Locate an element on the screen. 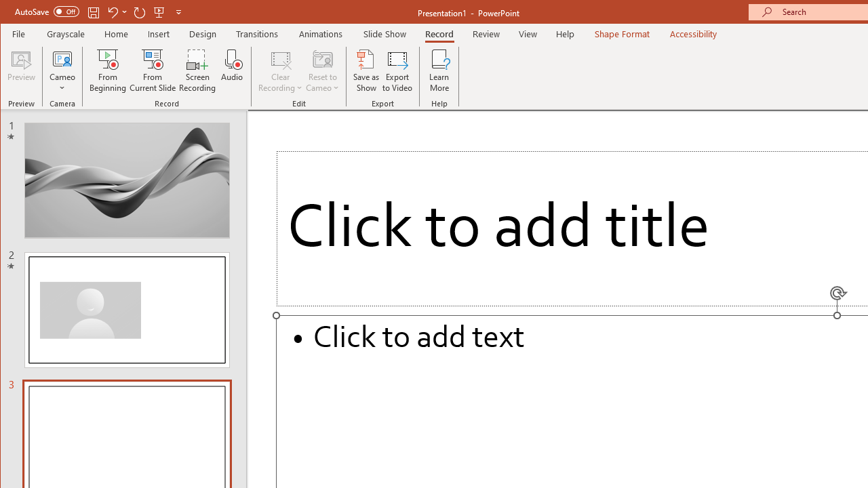 The height and width of the screenshot is (488, 868). 'Home' is located at coordinates (116, 33).